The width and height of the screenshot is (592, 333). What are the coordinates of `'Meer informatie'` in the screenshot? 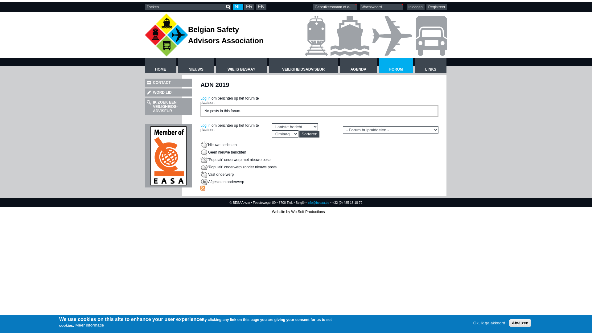 It's located at (89, 325).